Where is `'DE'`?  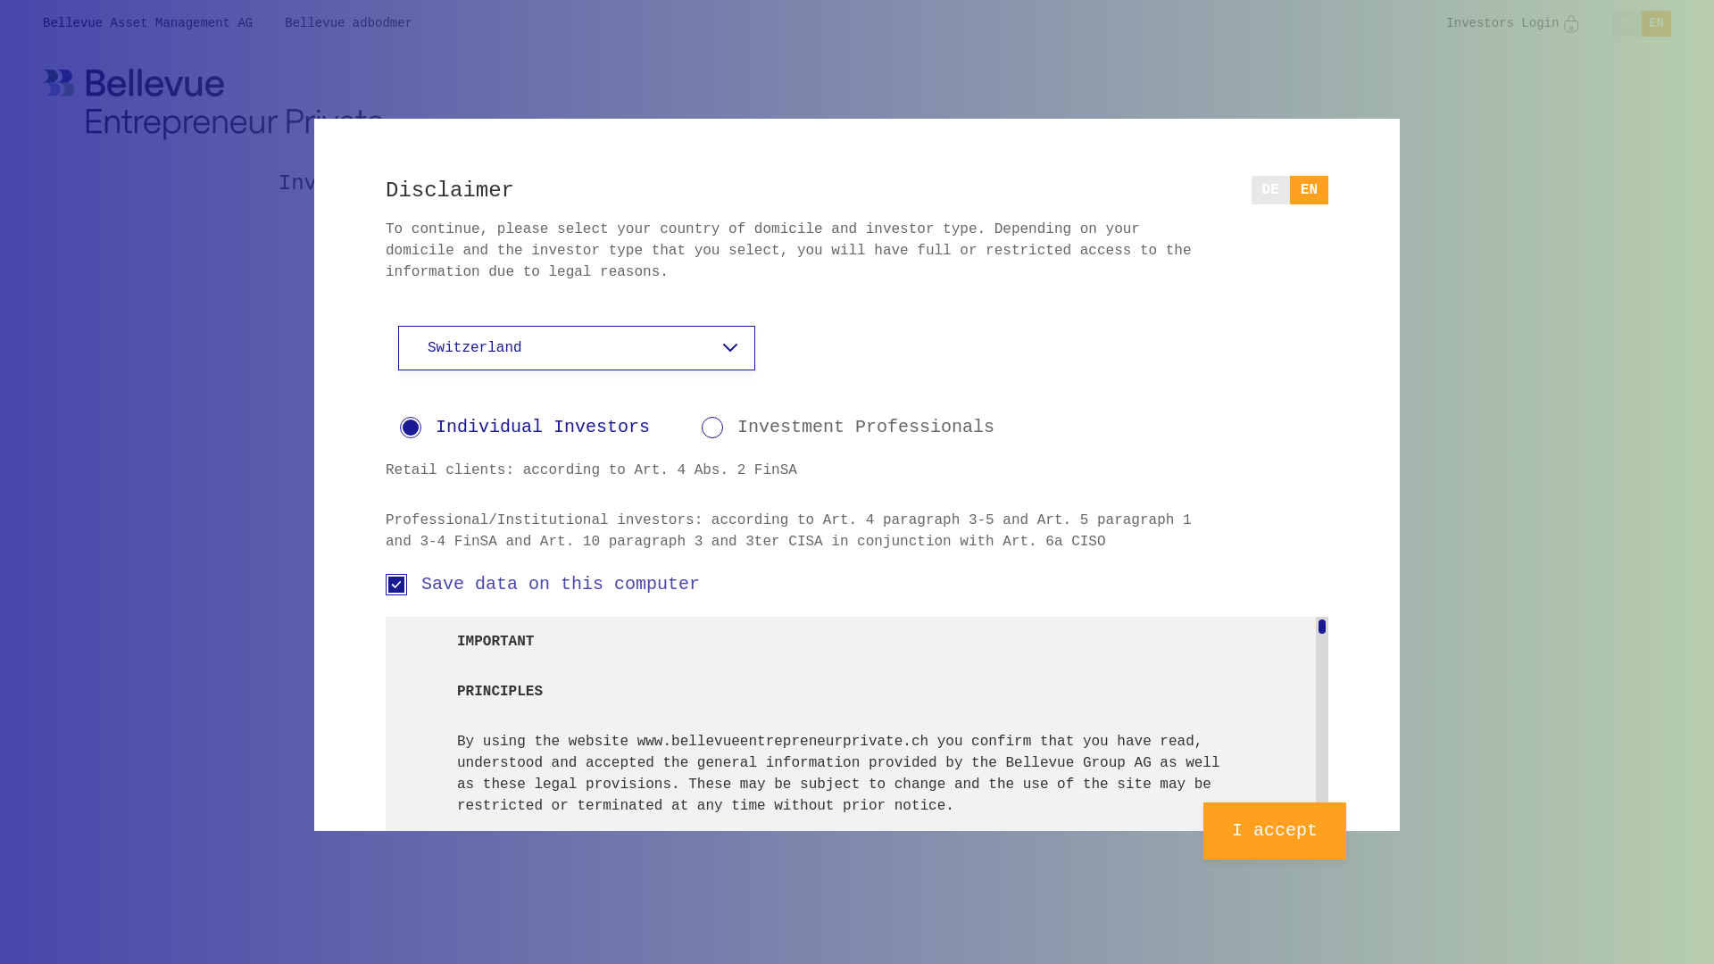 'DE' is located at coordinates (1269, 189).